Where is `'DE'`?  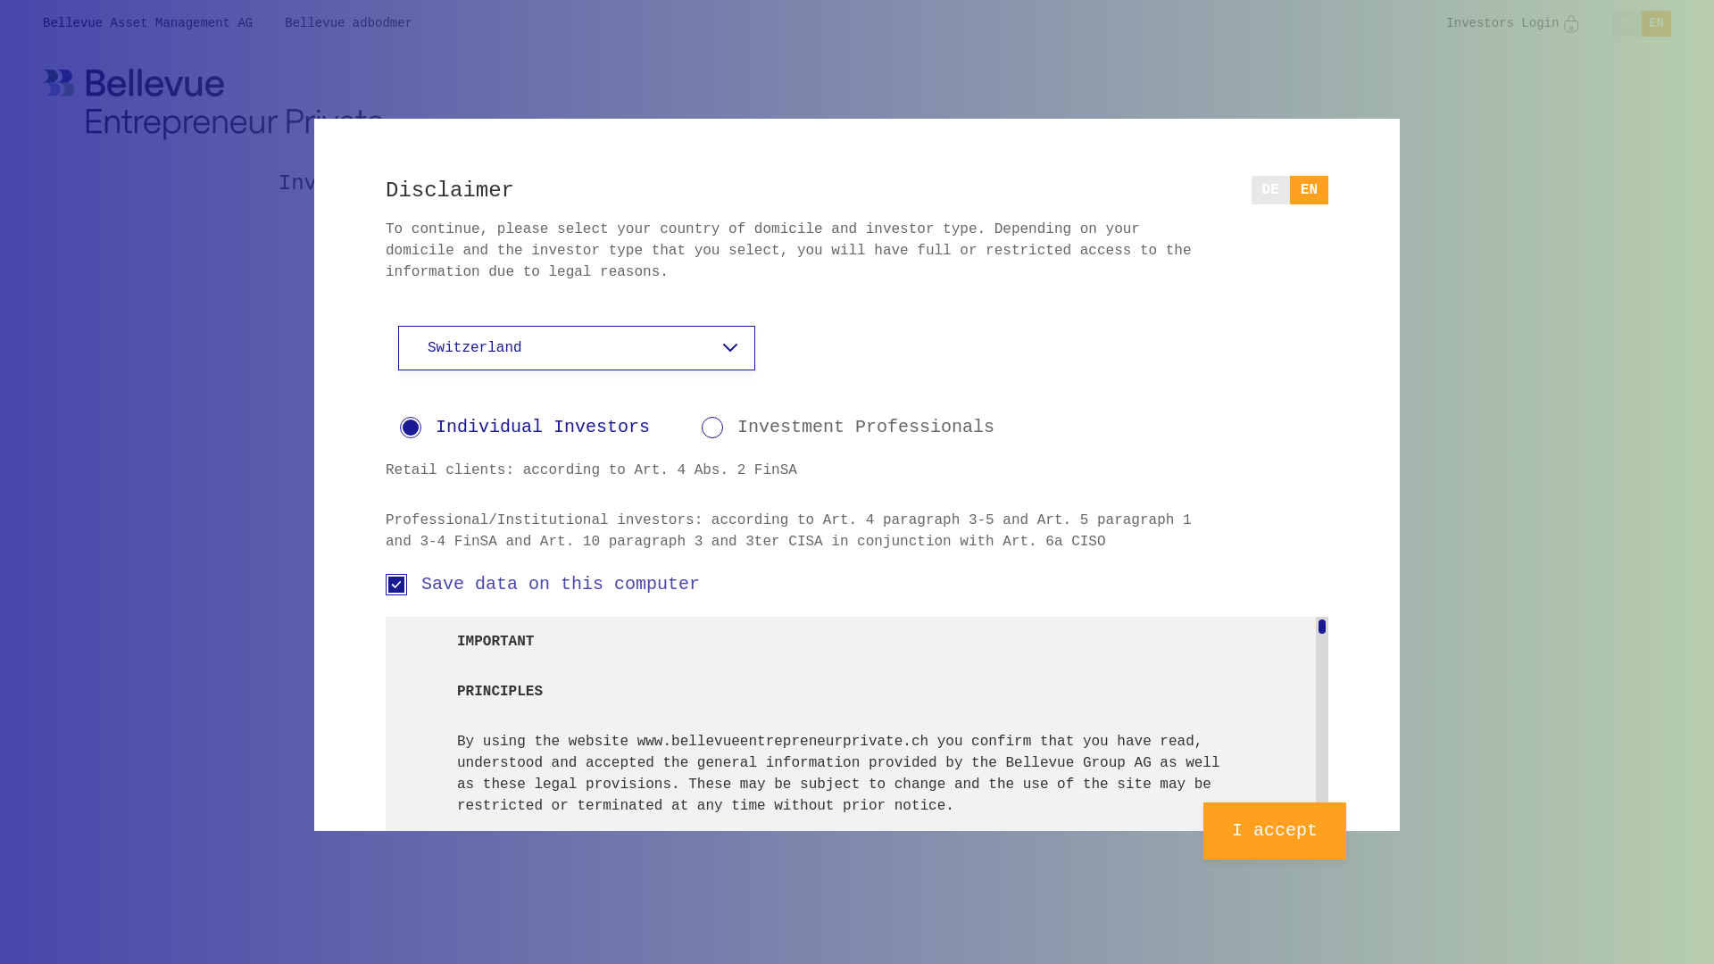 'DE' is located at coordinates (1269, 189).